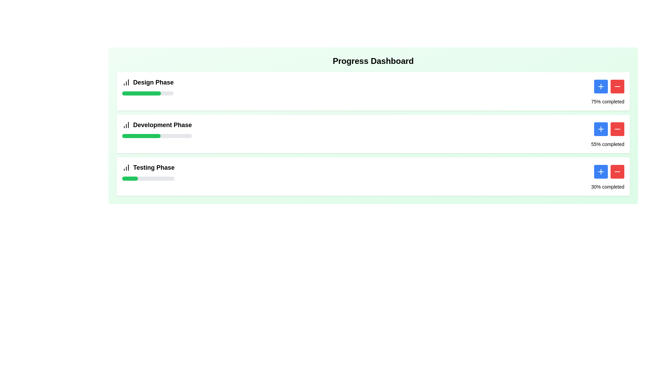 This screenshot has height=371, width=659. What do you see at coordinates (617, 171) in the screenshot?
I see `the red rectangular button with rounded corners containing a white minus sign icon, located at the far right of the 'Testing Phase' section` at bounding box center [617, 171].